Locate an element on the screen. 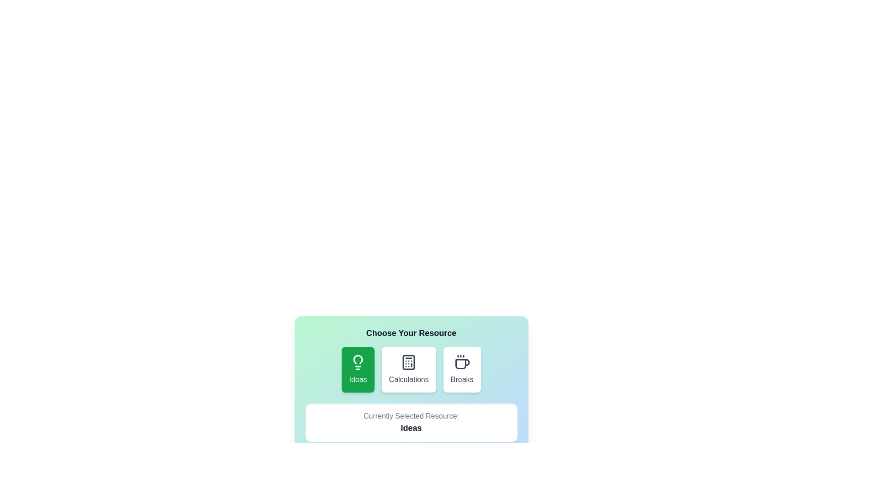 Image resolution: width=877 pixels, height=493 pixels. the button corresponding to the resource type Breaks is located at coordinates (462, 370).